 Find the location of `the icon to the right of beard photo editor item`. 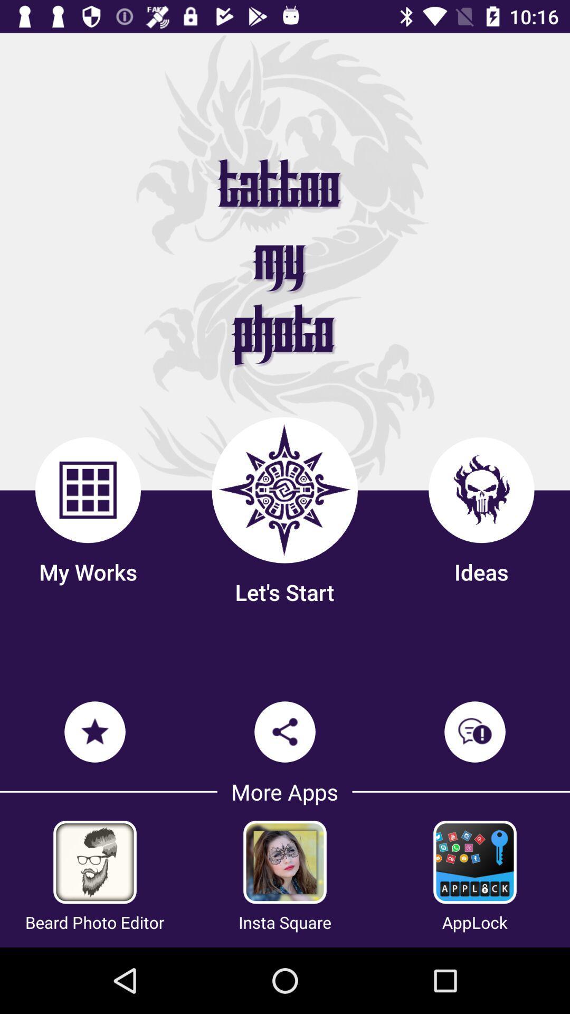

the icon to the right of beard photo editor item is located at coordinates (285, 922).